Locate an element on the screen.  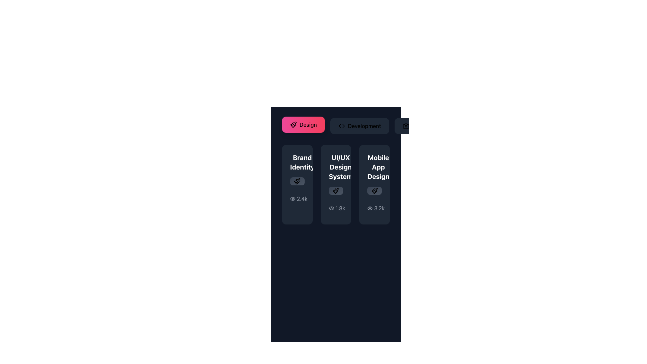
the gray eye icon located in the middle panel labeled 'UI/UX Design System', which is positioned to the left of the '1.8k' text is located at coordinates (331, 208).